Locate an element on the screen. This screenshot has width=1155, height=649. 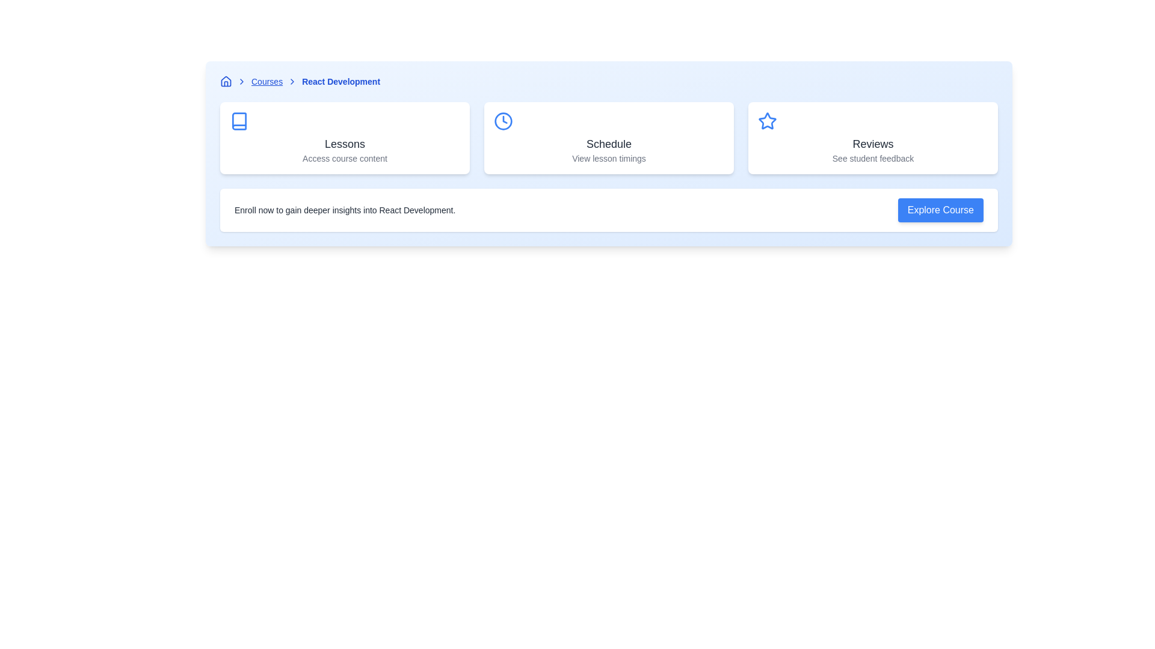
the 'home' icon in the breadcrumb navigation bar located at the upper-left portion of the interface is located at coordinates (226, 81).